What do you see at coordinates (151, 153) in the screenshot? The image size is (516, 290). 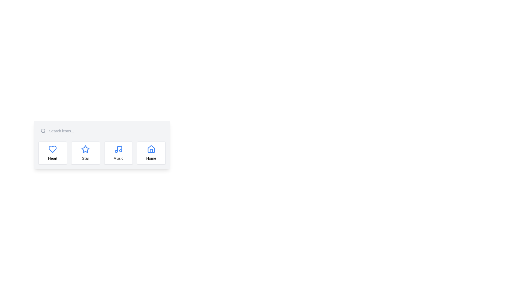 I see `on the 'Home' button, which is a rectangular card with a white background, rounded corners, and a blue house icon above the text 'Home'. It is the fourth card in the grid row, positioned next` at bounding box center [151, 153].